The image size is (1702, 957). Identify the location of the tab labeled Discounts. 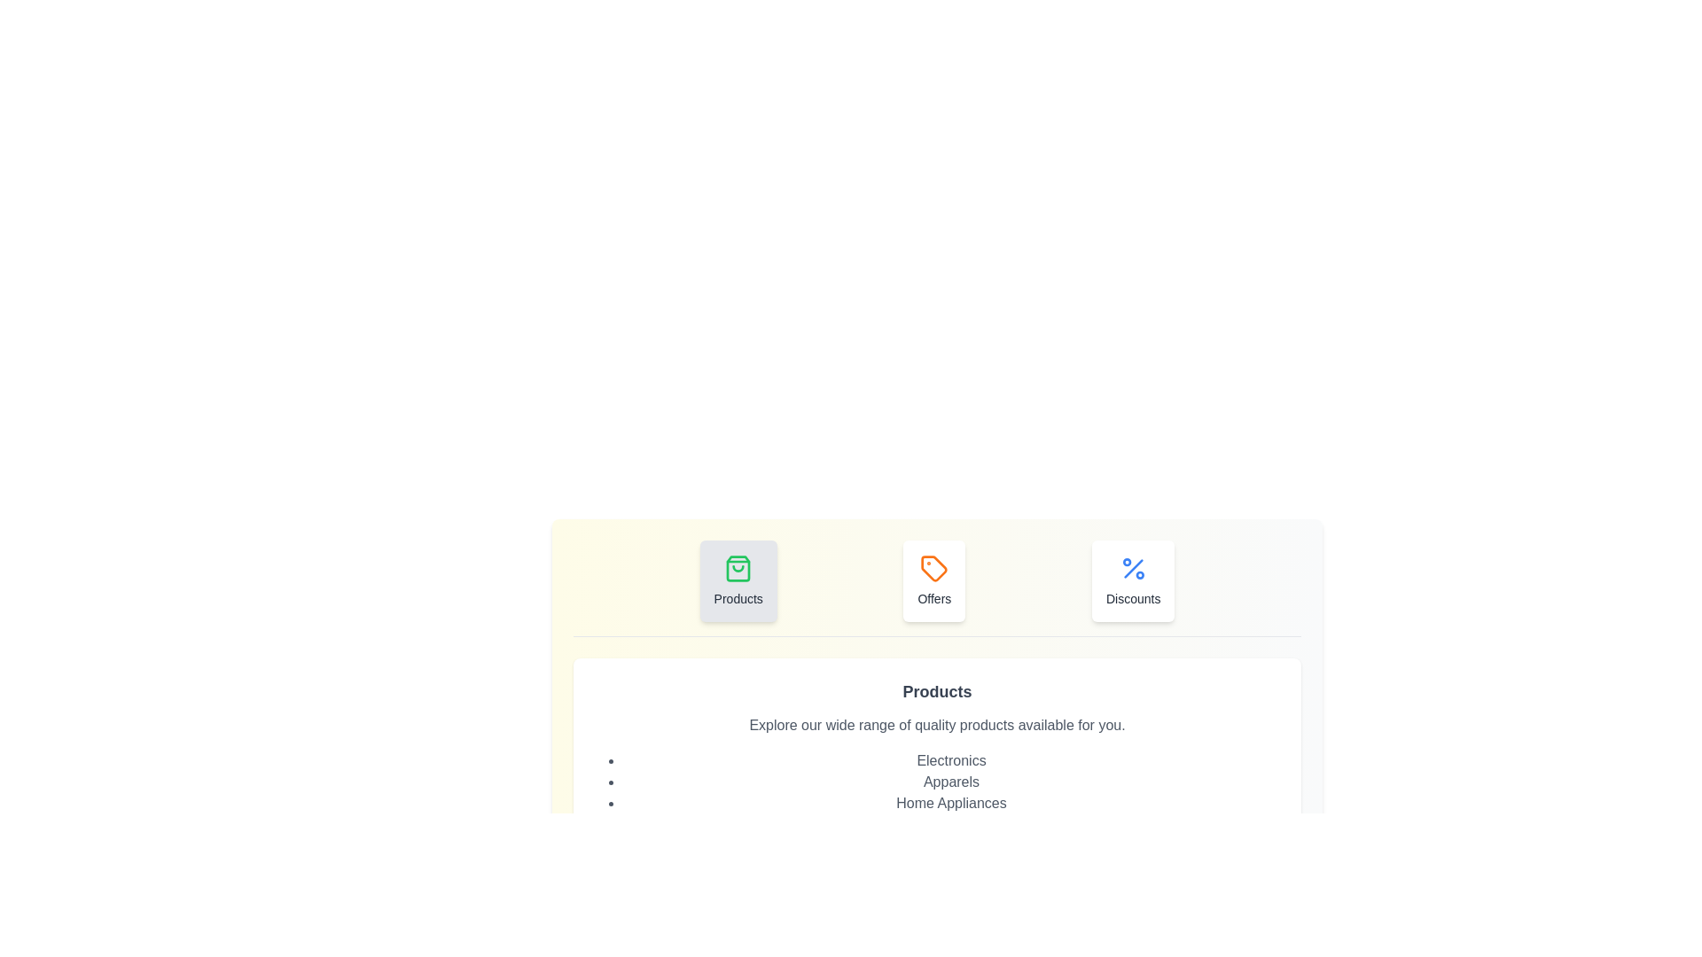
(1131, 580).